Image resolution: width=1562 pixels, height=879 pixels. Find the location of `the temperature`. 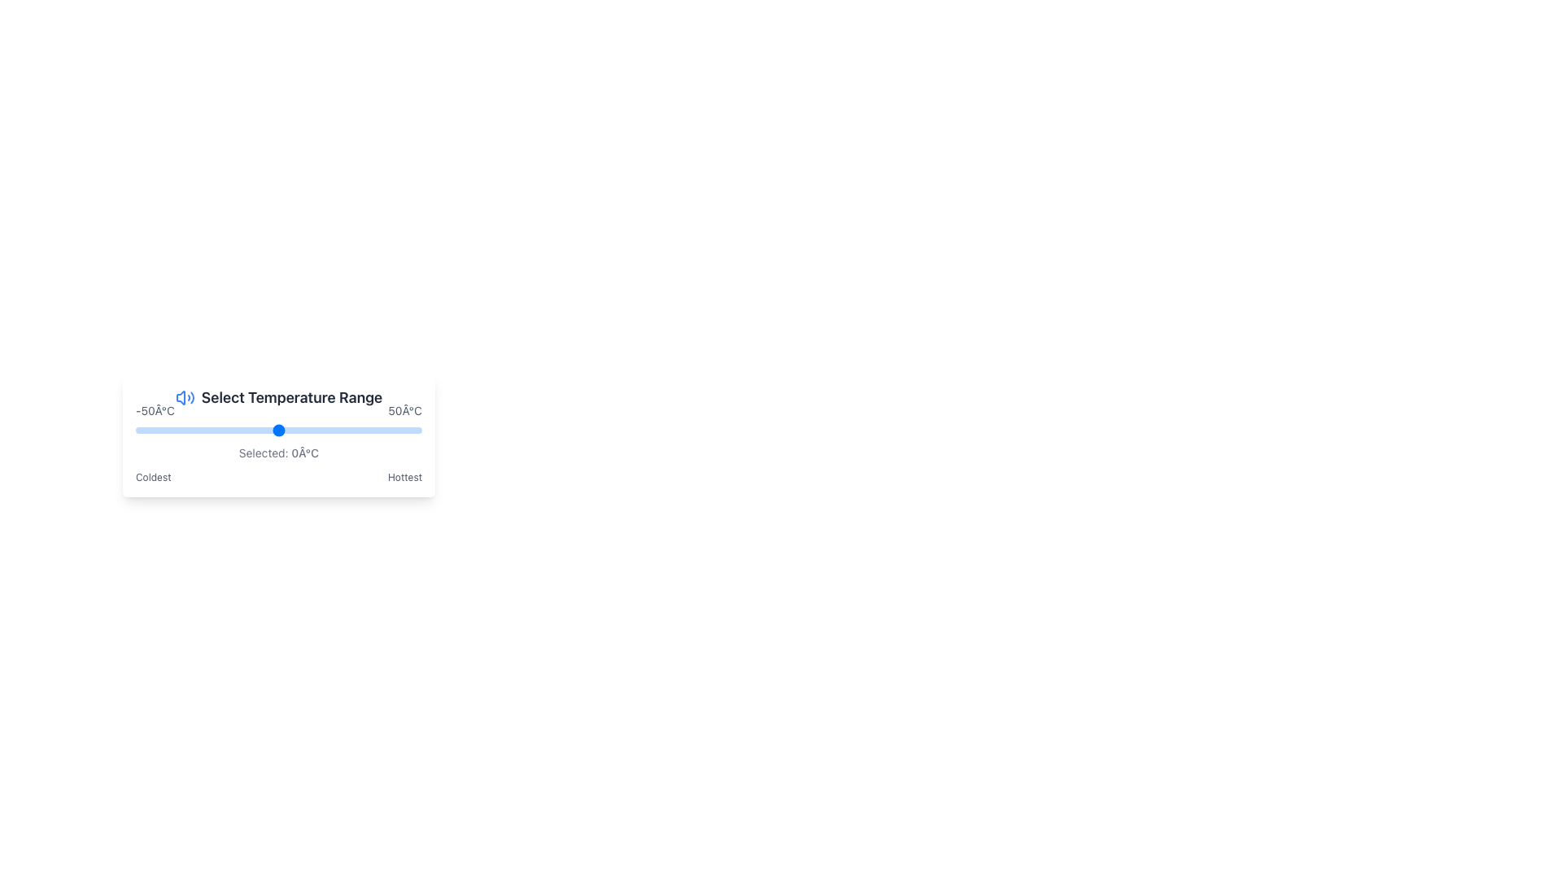

the temperature is located at coordinates (190, 429).